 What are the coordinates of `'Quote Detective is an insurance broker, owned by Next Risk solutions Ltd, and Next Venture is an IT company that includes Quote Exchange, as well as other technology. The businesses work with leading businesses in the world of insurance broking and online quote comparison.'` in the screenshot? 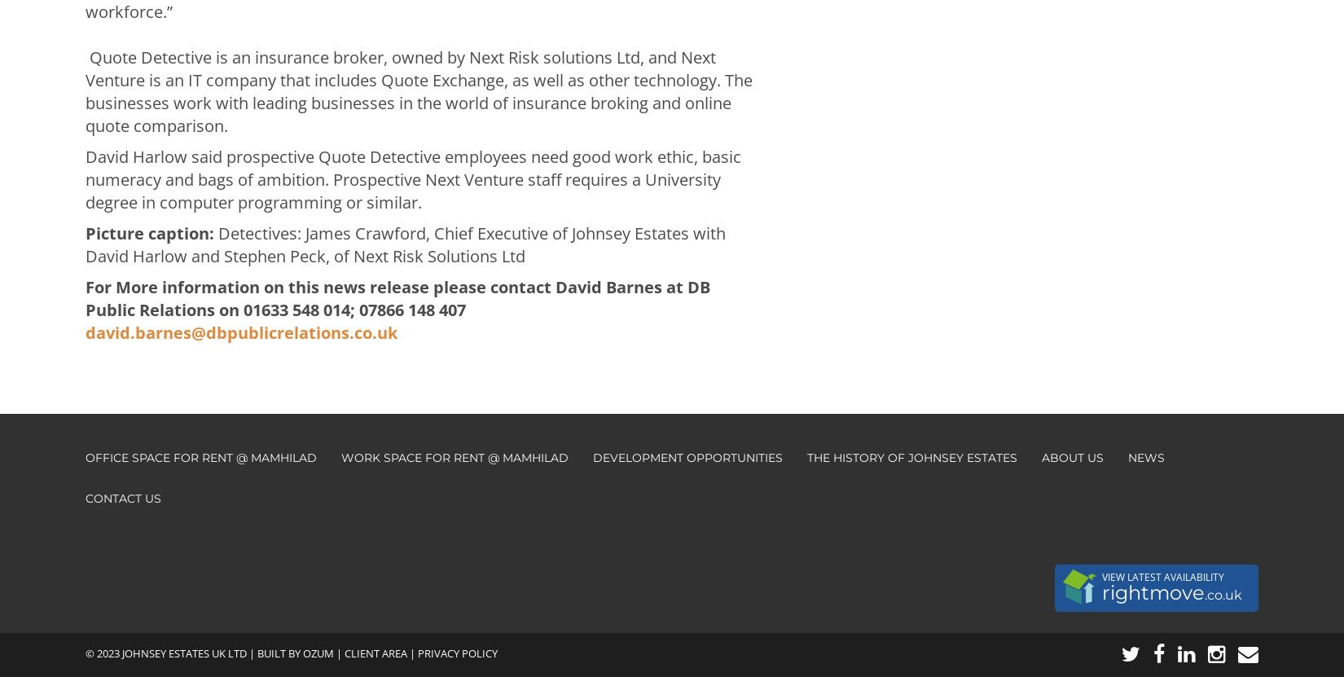 It's located at (418, 91).